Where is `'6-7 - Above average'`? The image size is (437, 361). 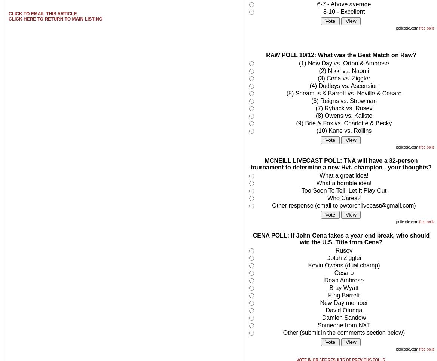 '6-7 - Above average' is located at coordinates (317, 4).